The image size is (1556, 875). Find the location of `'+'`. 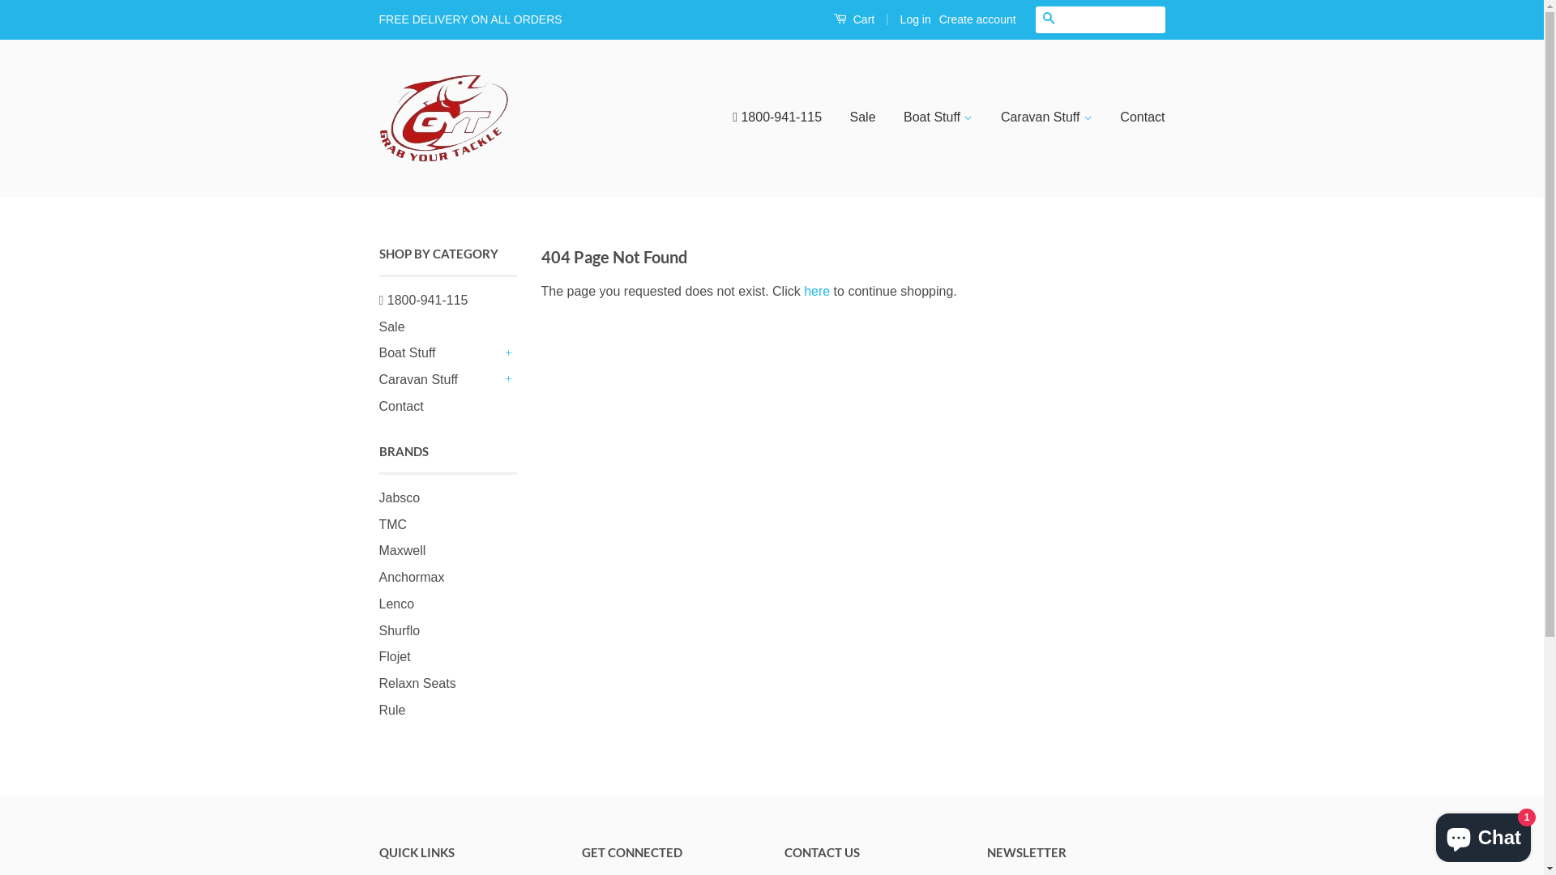

'+' is located at coordinates (508, 381).